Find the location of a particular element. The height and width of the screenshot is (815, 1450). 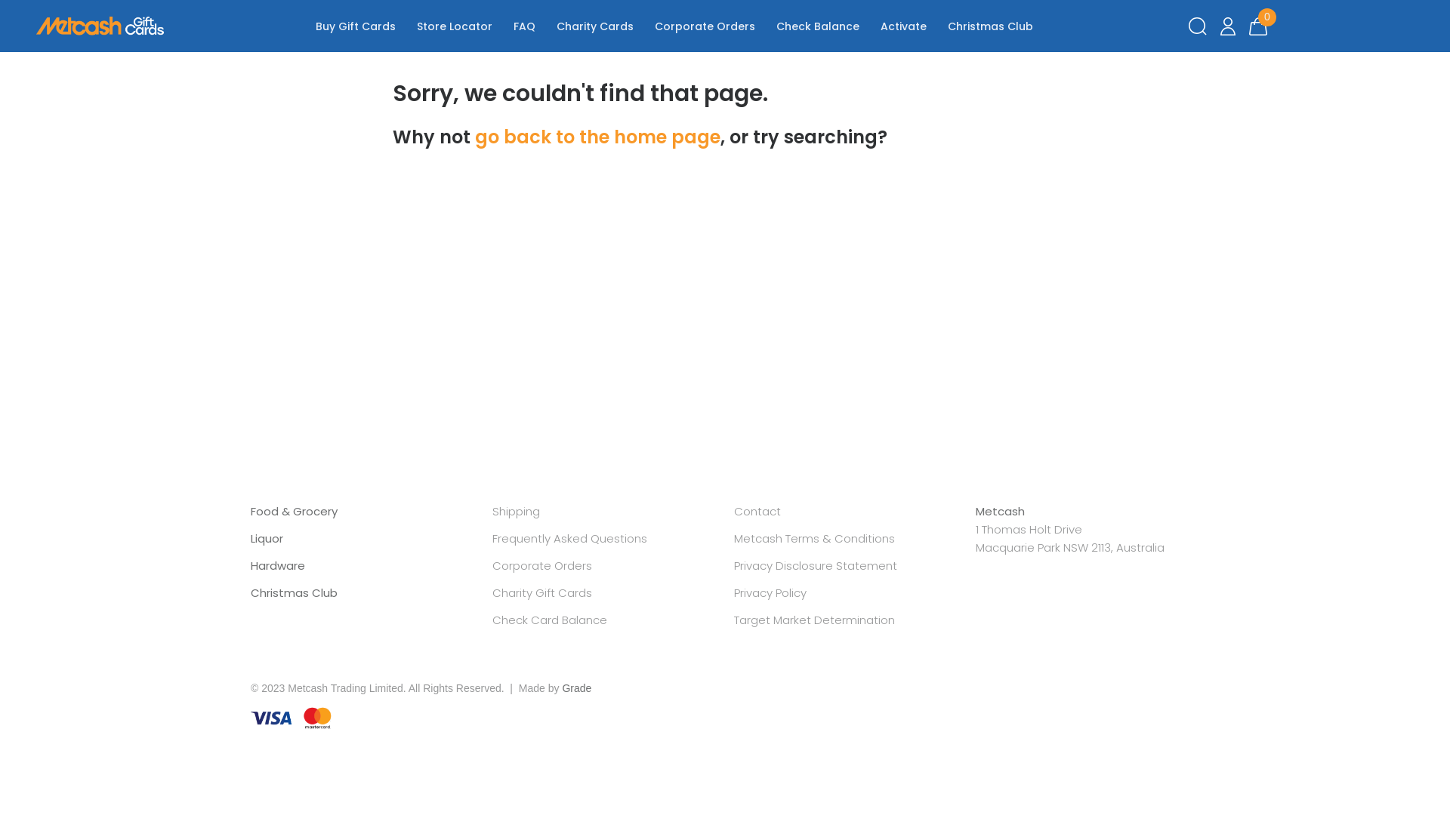

'0' is located at coordinates (1257, 26).